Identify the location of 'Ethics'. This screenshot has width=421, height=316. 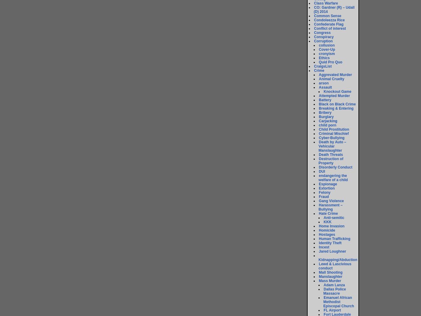
(318, 58).